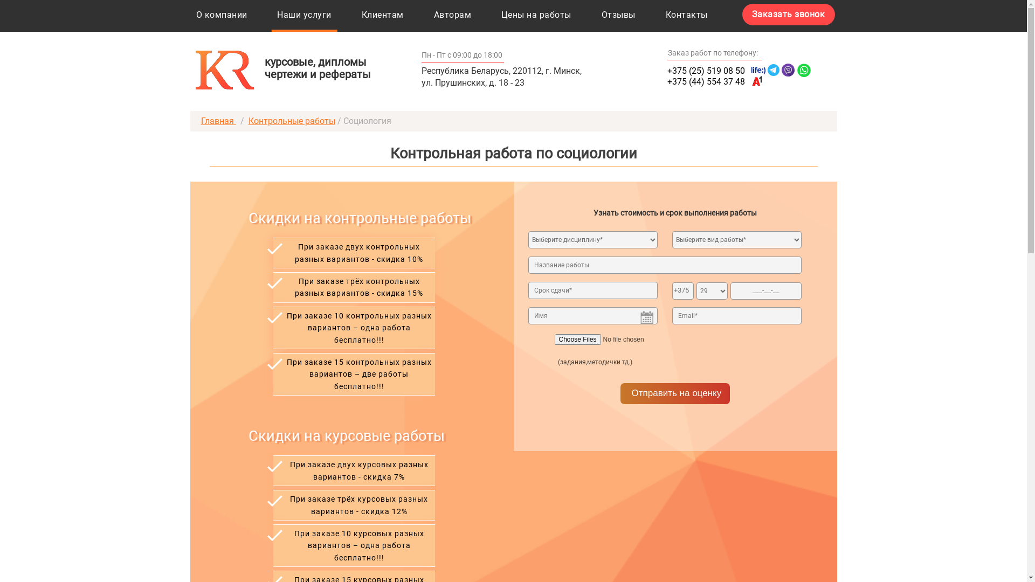  I want to click on '+375 (44) 554 37 48', so click(715, 81).